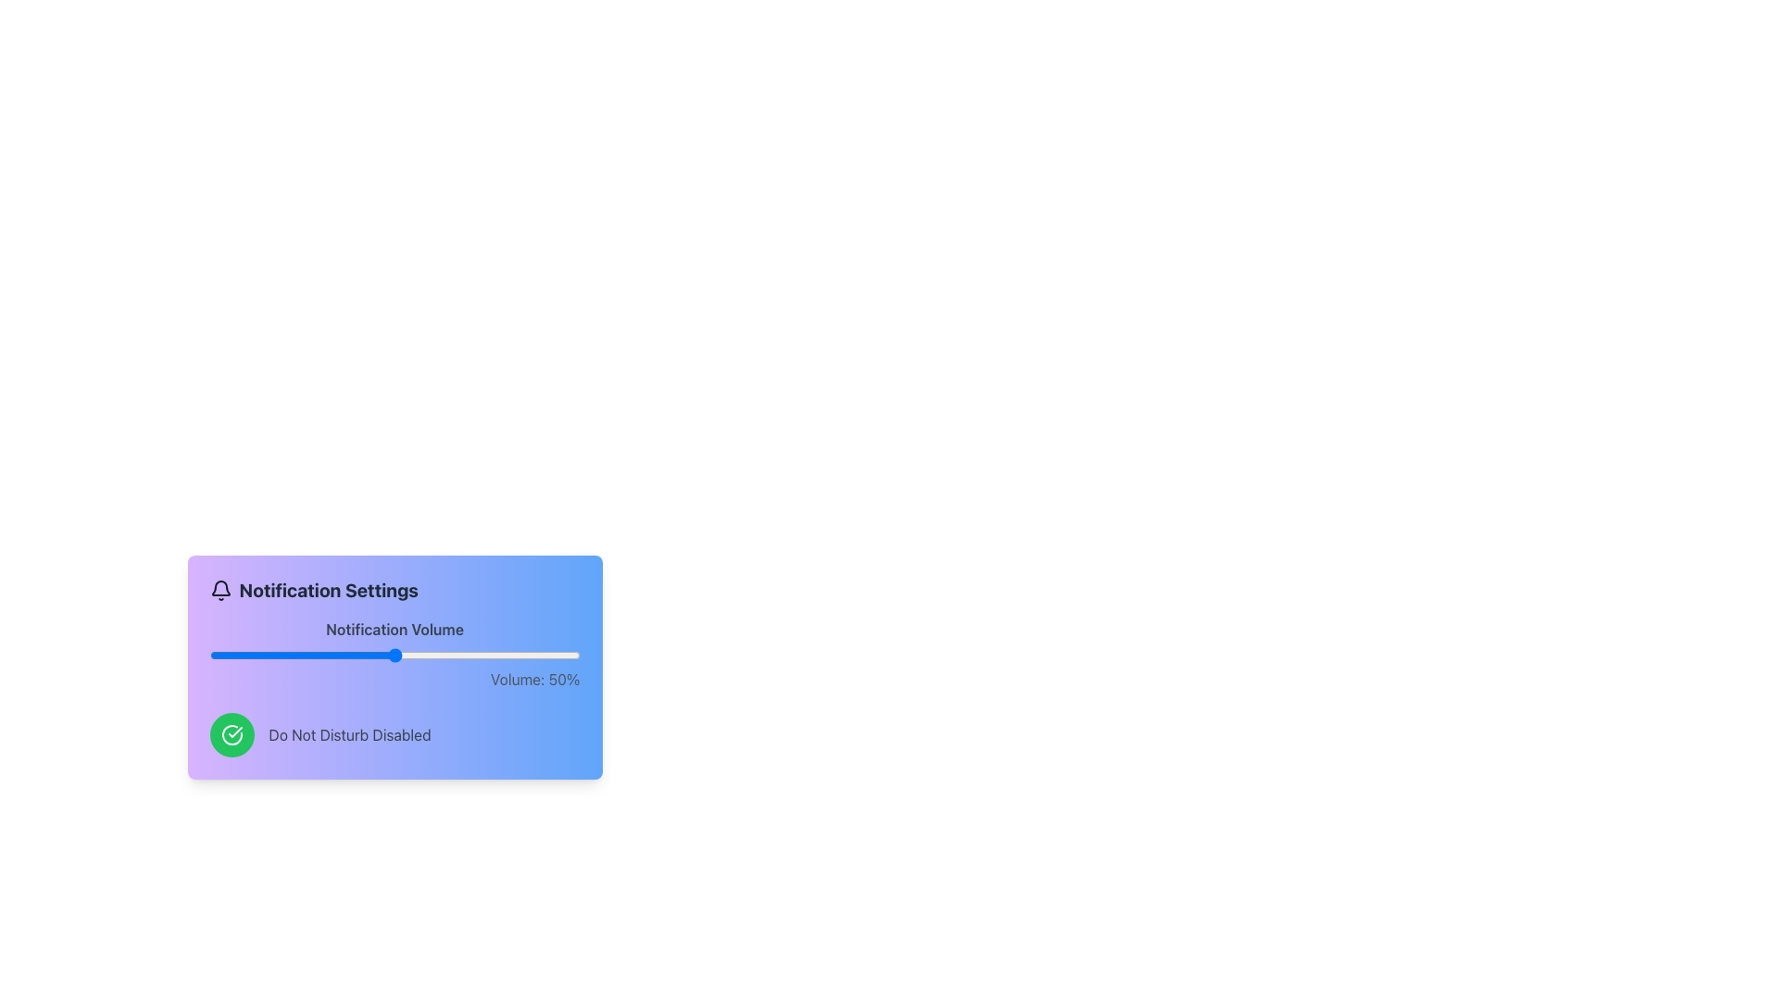 Image resolution: width=1778 pixels, height=1000 pixels. Describe the element at coordinates (294, 655) in the screenshot. I see `notification volume` at that location.